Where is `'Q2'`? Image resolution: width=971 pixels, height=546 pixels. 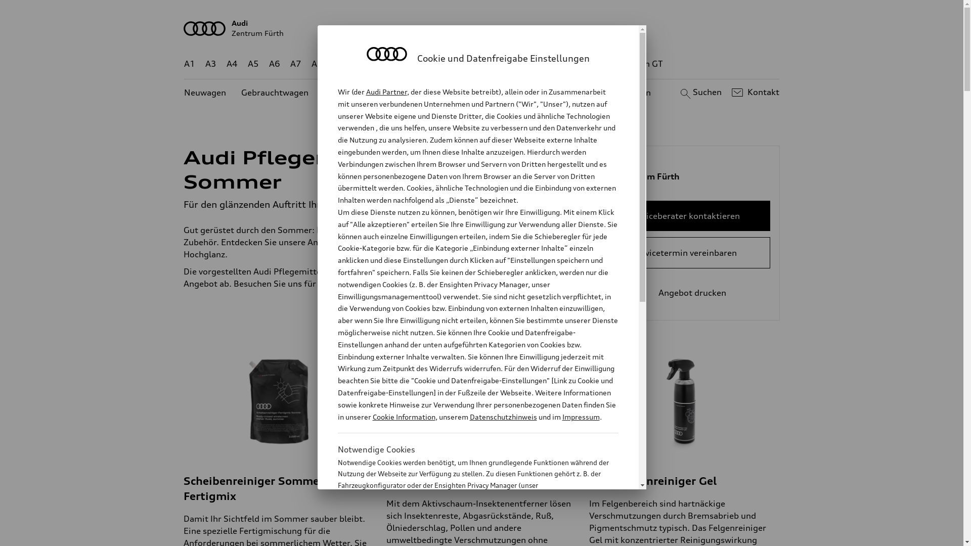
'Q2' is located at coordinates (338, 64).